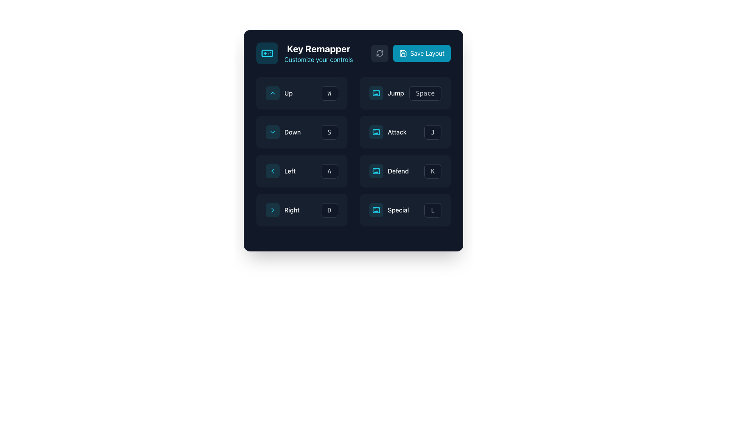  What do you see at coordinates (301, 152) in the screenshot?
I see `and drop the first directional control block in the vertical stack` at bounding box center [301, 152].